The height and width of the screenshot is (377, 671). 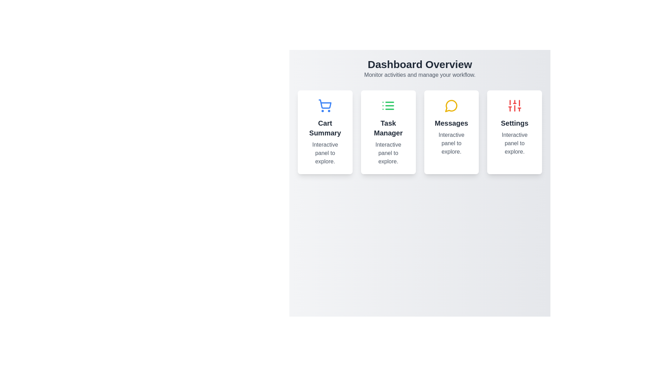 What do you see at coordinates (325, 132) in the screenshot?
I see `the Interactive Information Panel located at the top left of the grid layout for additional info` at bounding box center [325, 132].